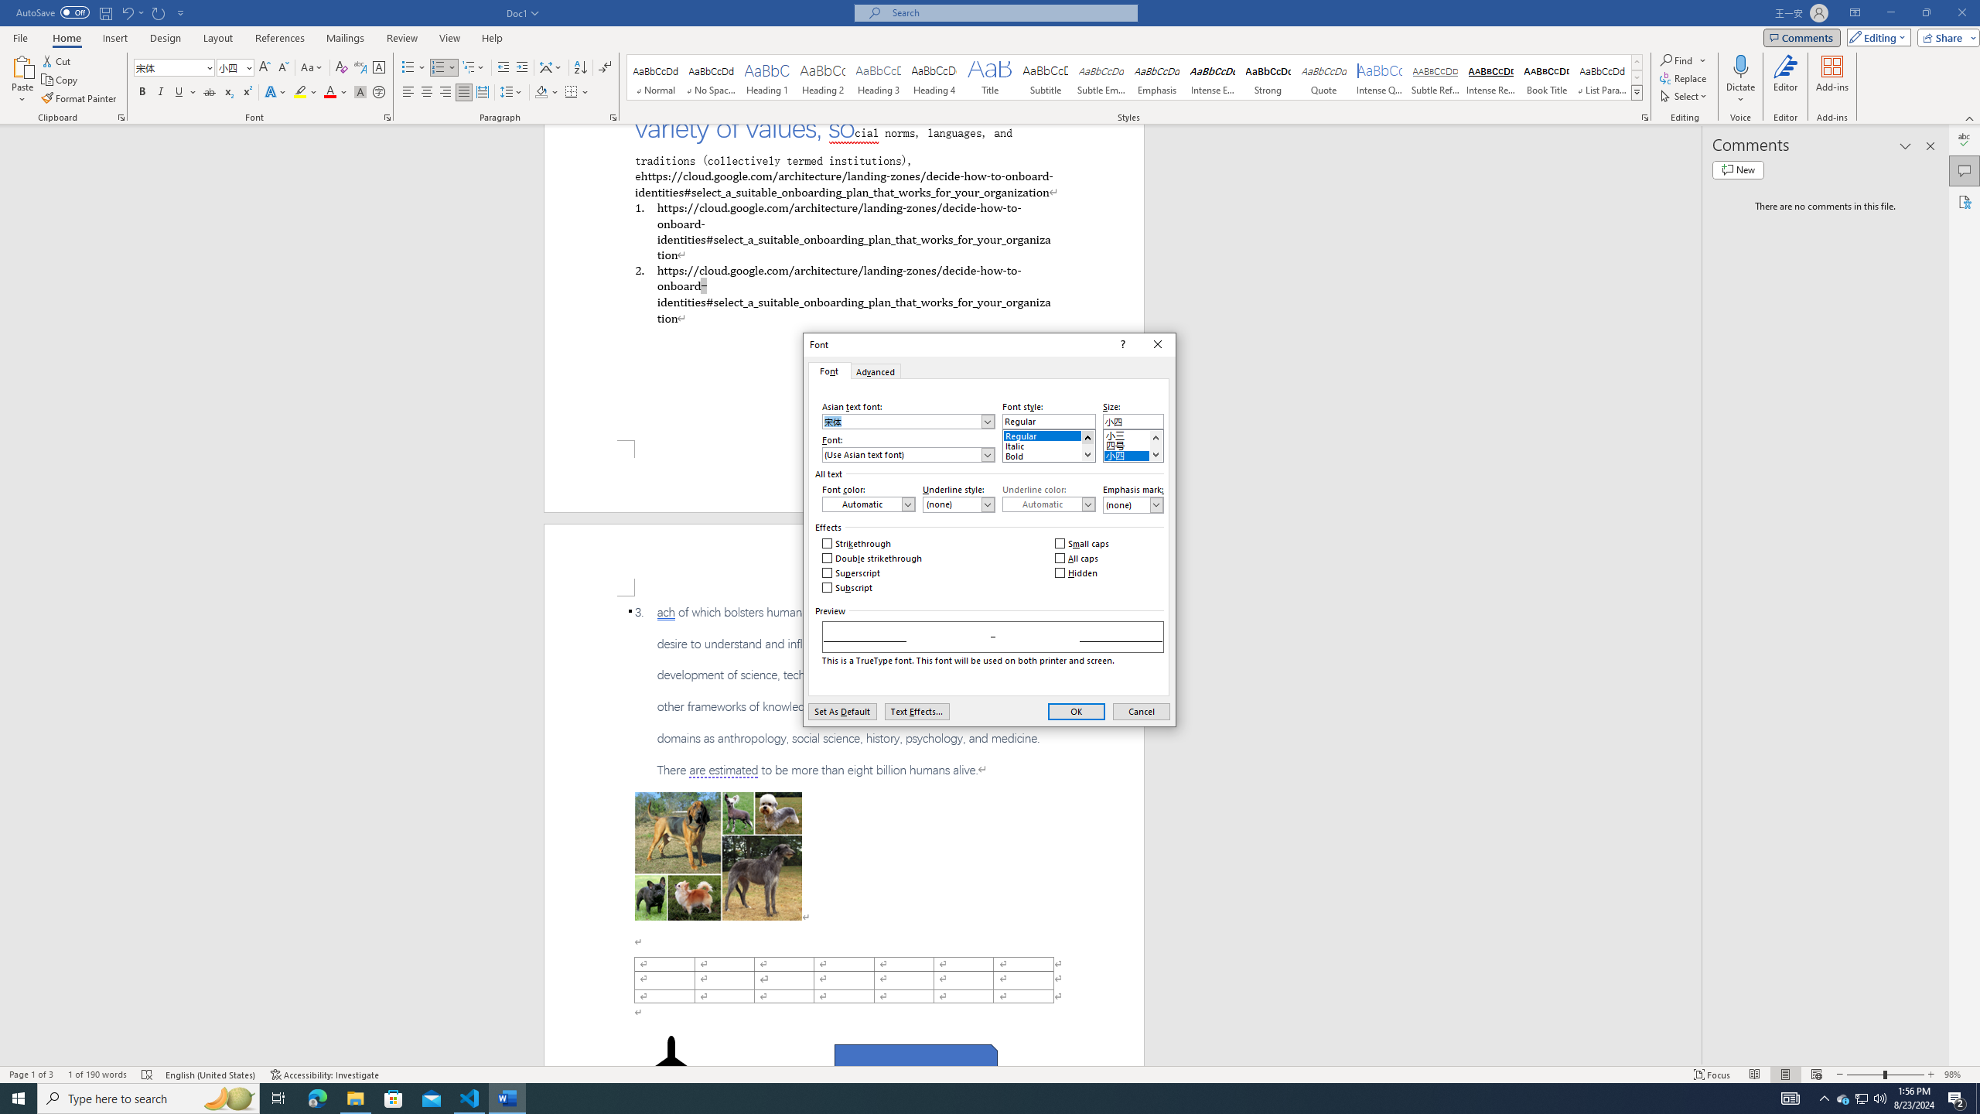 The width and height of the screenshot is (1980, 1114). What do you see at coordinates (1435, 77) in the screenshot?
I see `'Subtle Reference'` at bounding box center [1435, 77].